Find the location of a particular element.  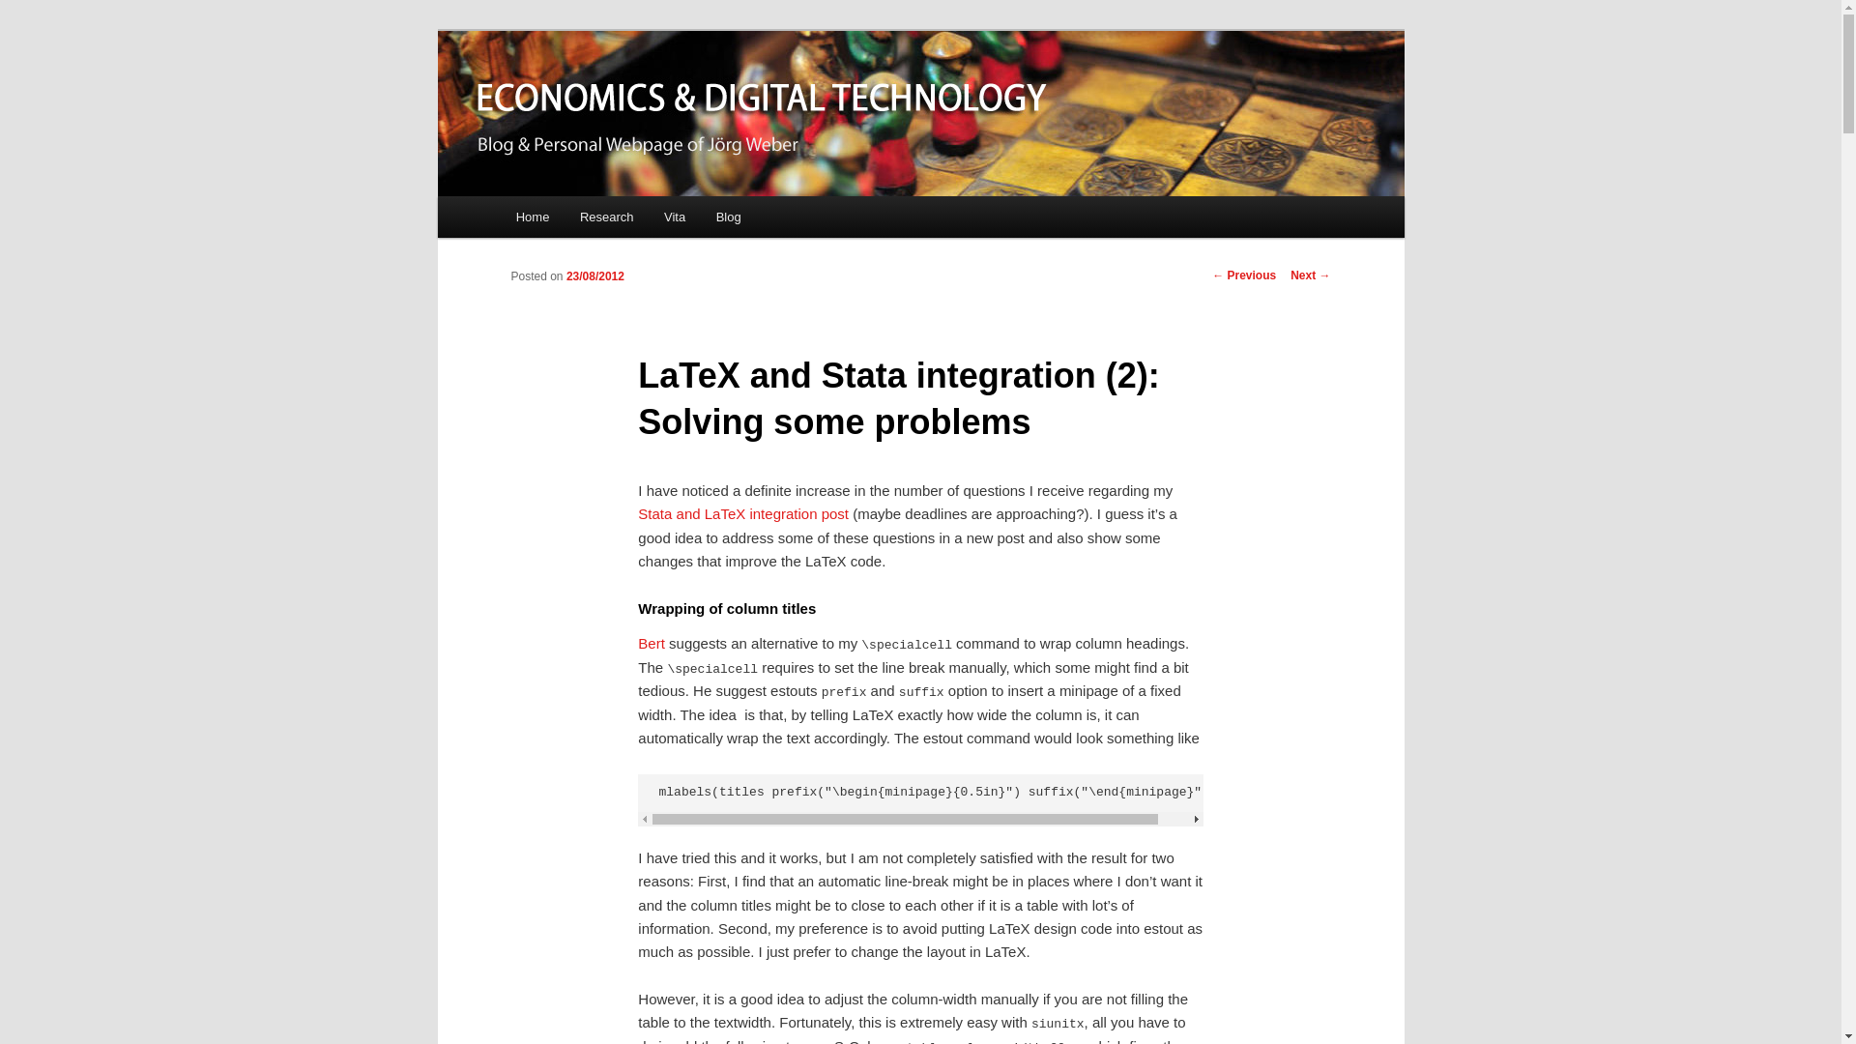

'23/08/2012' is located at coordinates (594, 275).